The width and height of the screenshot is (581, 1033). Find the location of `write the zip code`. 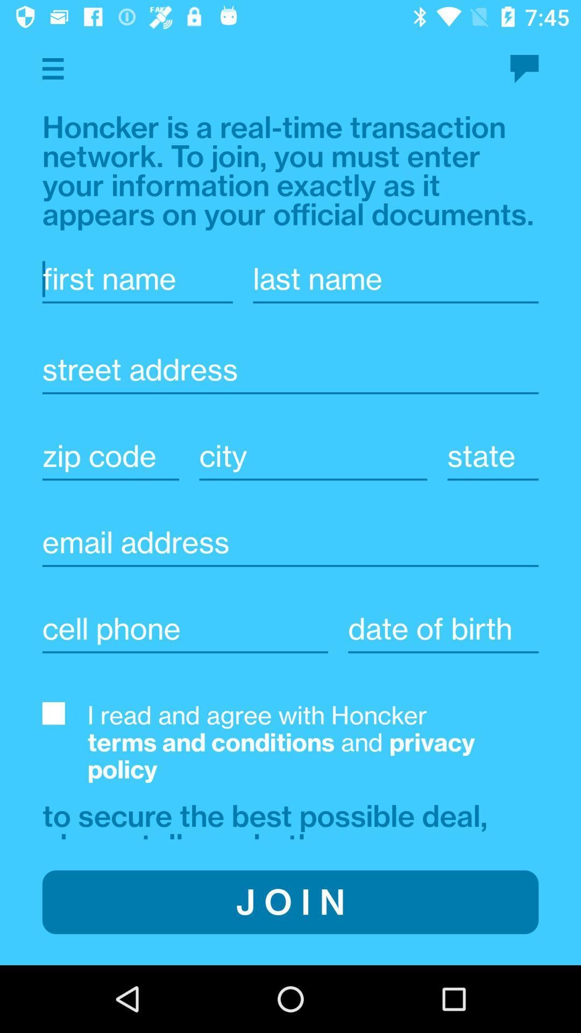

write the zip code is located at coordinates (110, 456).